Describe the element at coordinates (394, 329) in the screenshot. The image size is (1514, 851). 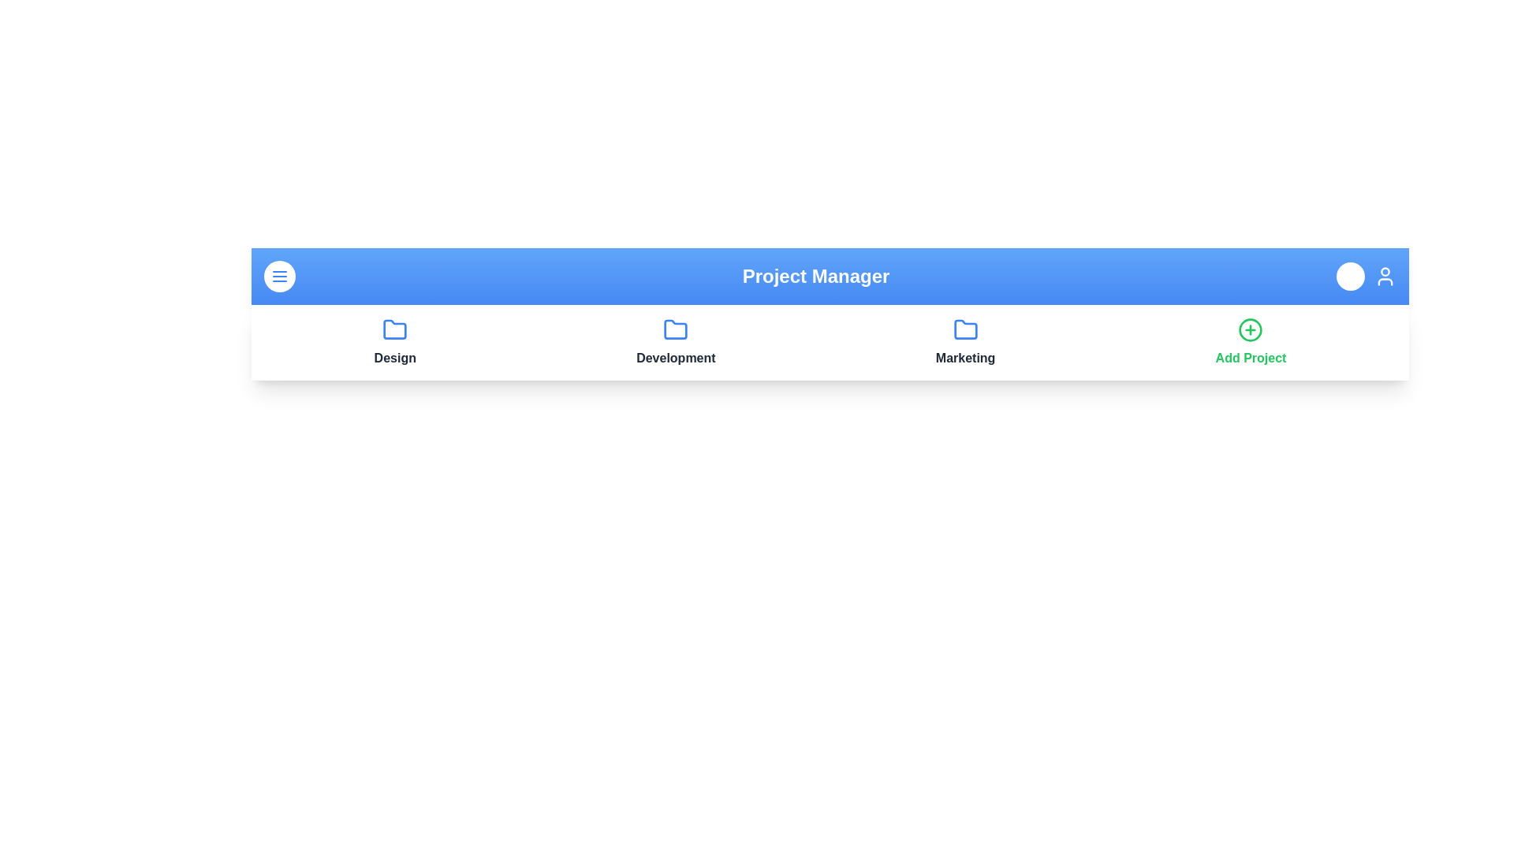
I see `the project folder for Design` at that location.